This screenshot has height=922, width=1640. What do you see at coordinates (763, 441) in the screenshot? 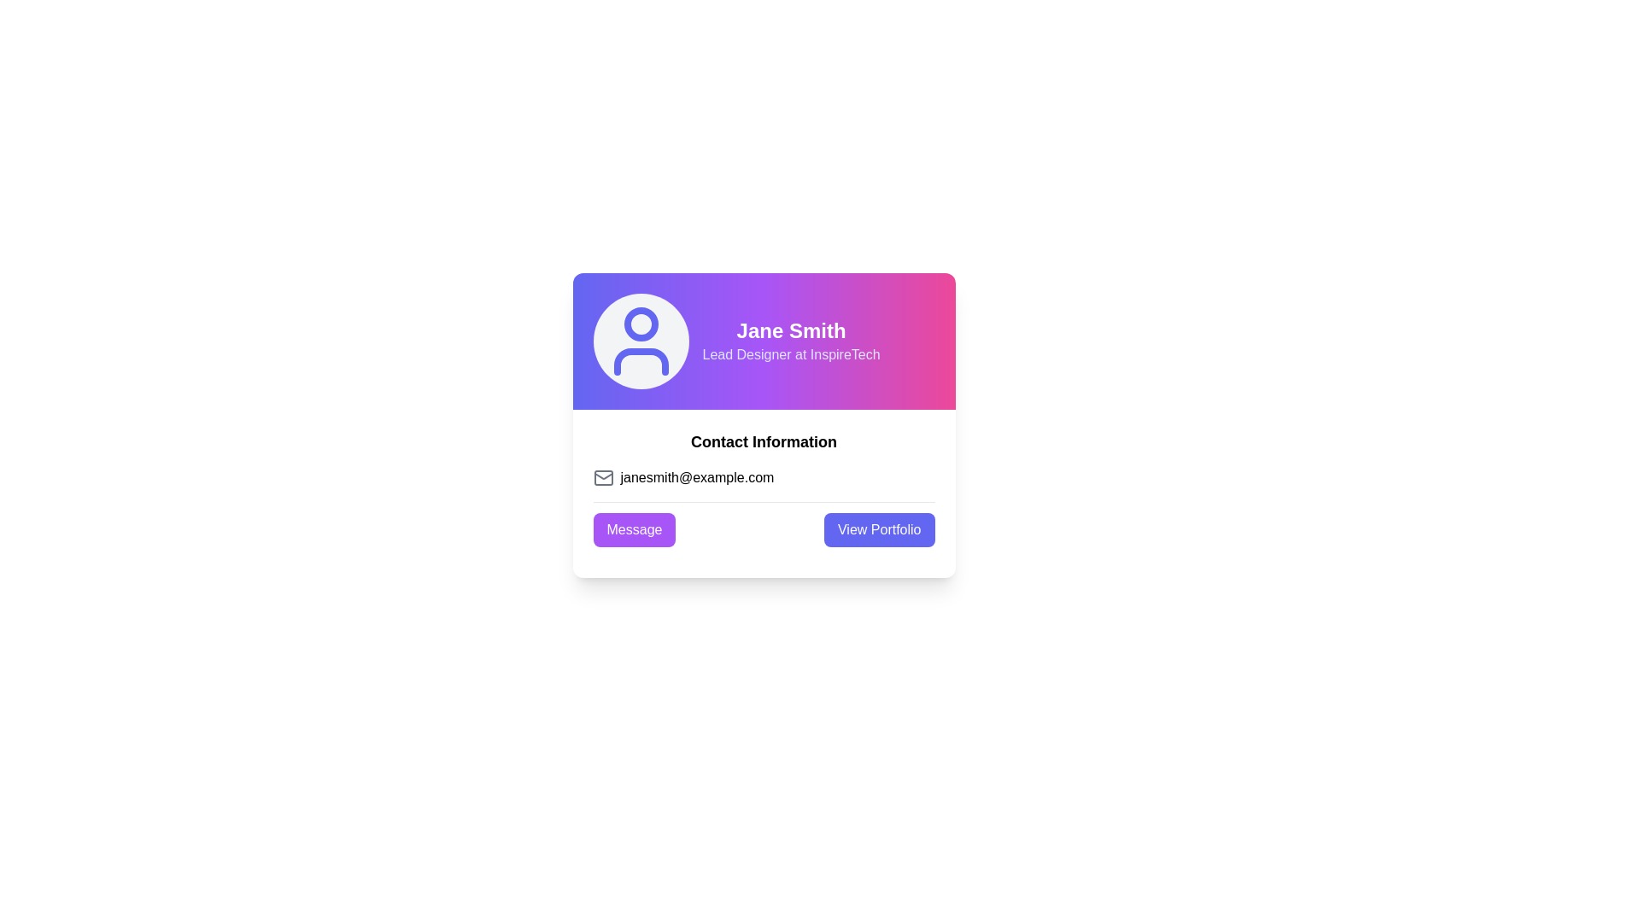
I see `text label indicating 'Contact Information' located at the top of the card component` at bounding box center [763, 441].